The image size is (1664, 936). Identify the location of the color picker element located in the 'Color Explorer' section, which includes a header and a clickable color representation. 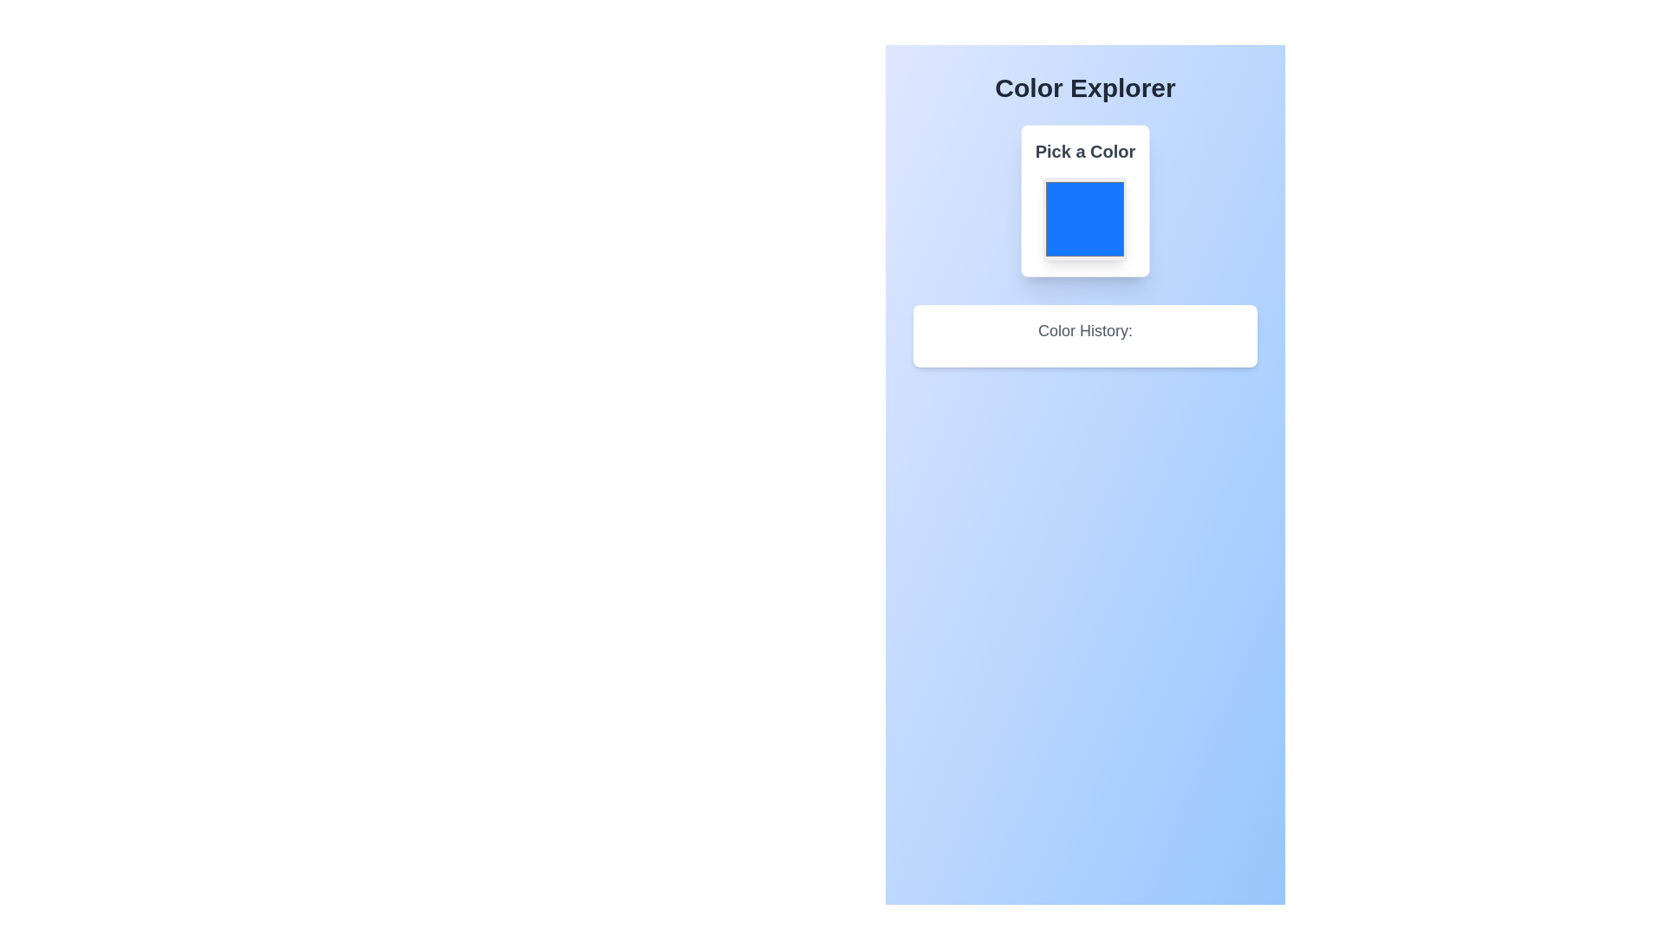
(1084, 199).